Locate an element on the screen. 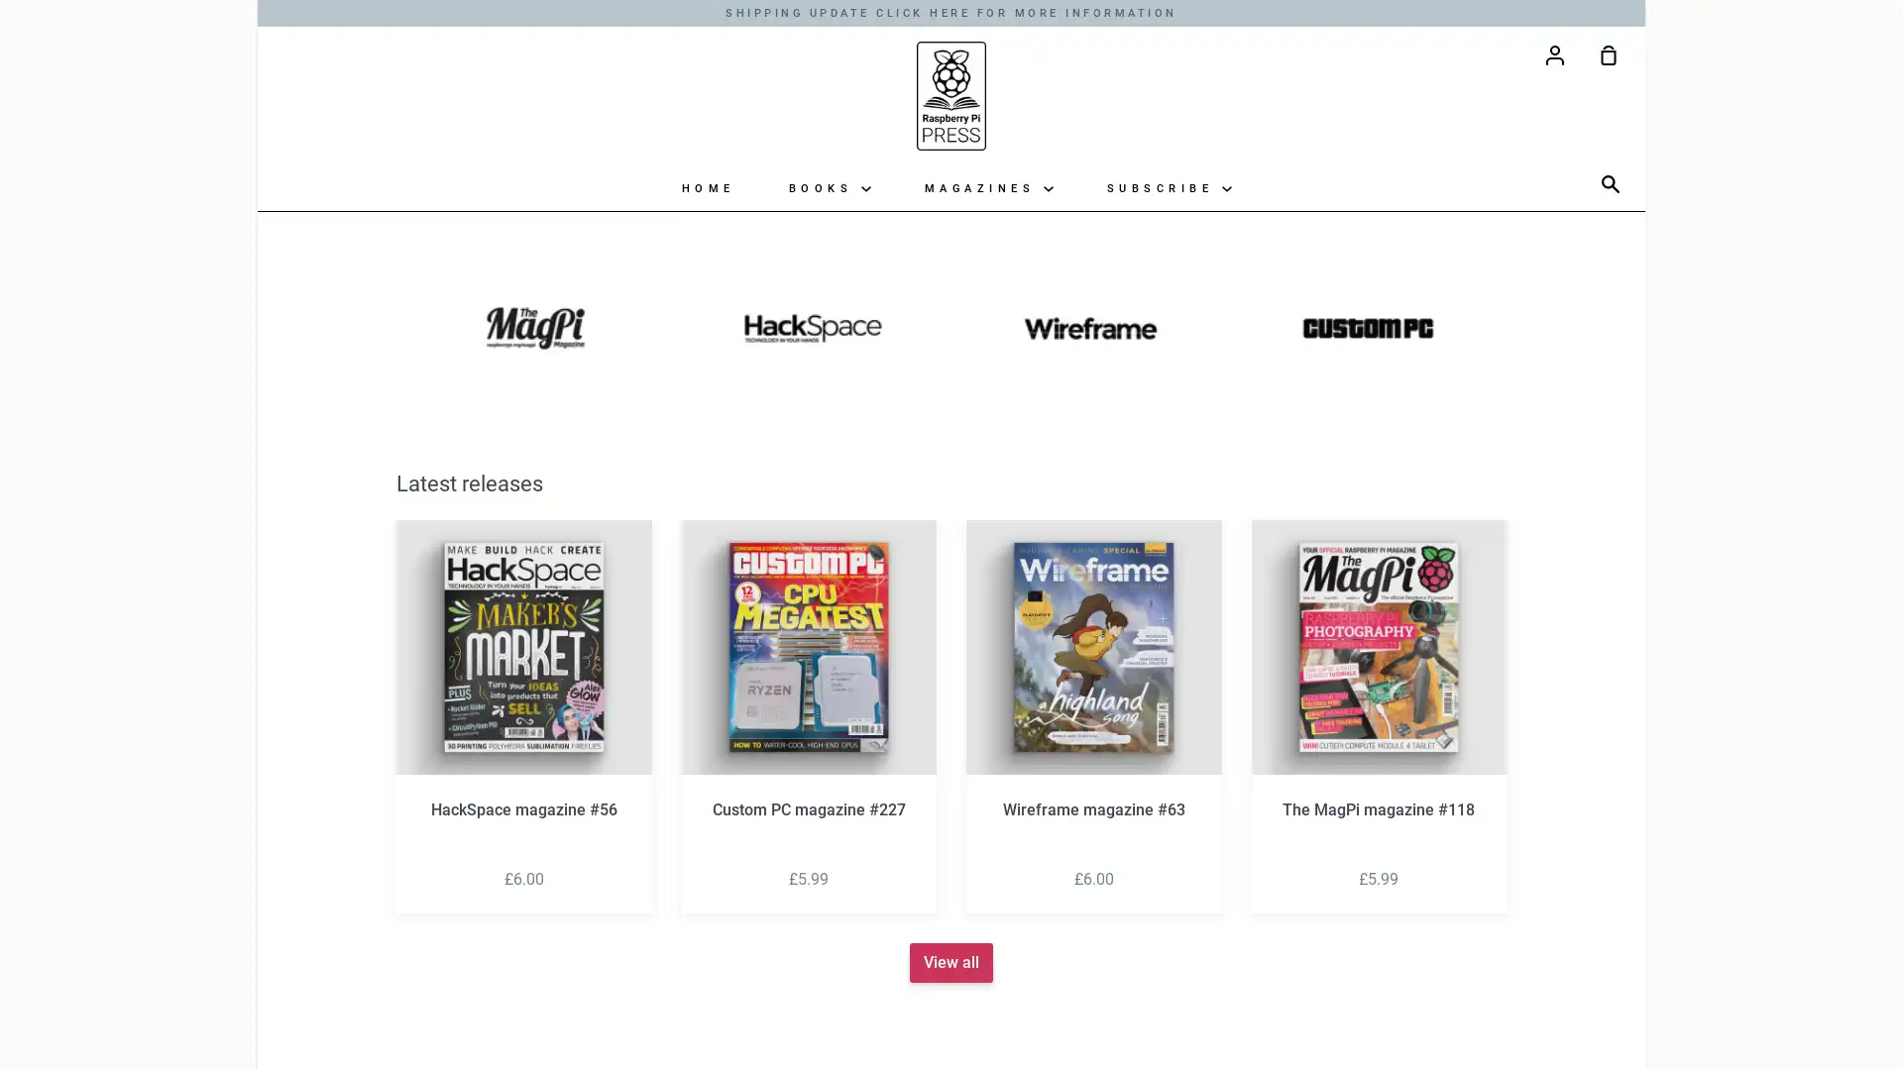 The width and height of the screenshot is (1903, 1070). Shop now is located at coordinates (951, 620).